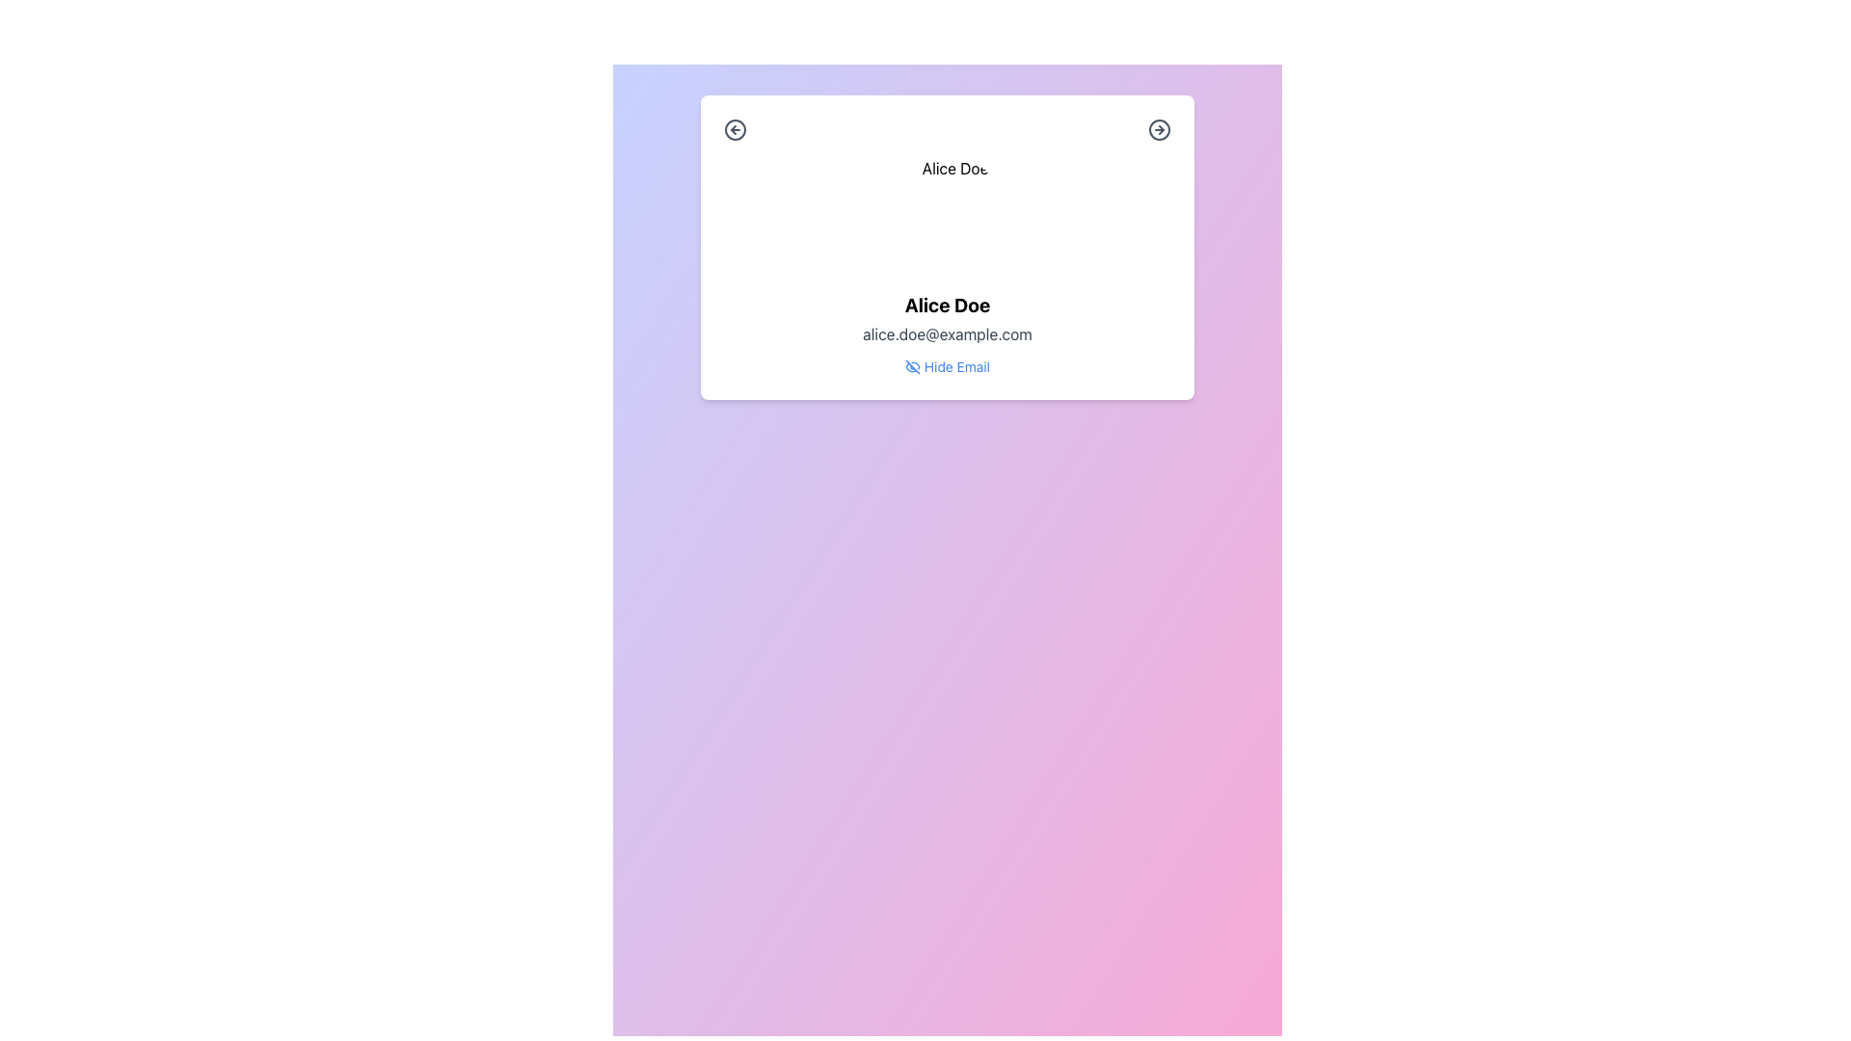 This screenshot has height=1041, width=1851. What do you see at coordinates (1159, 130) in the screenshot?
I see `the navigation arrow button located in the upper-right corner of the white card to move to the subsequent section` at bounding box center [1159, 130].